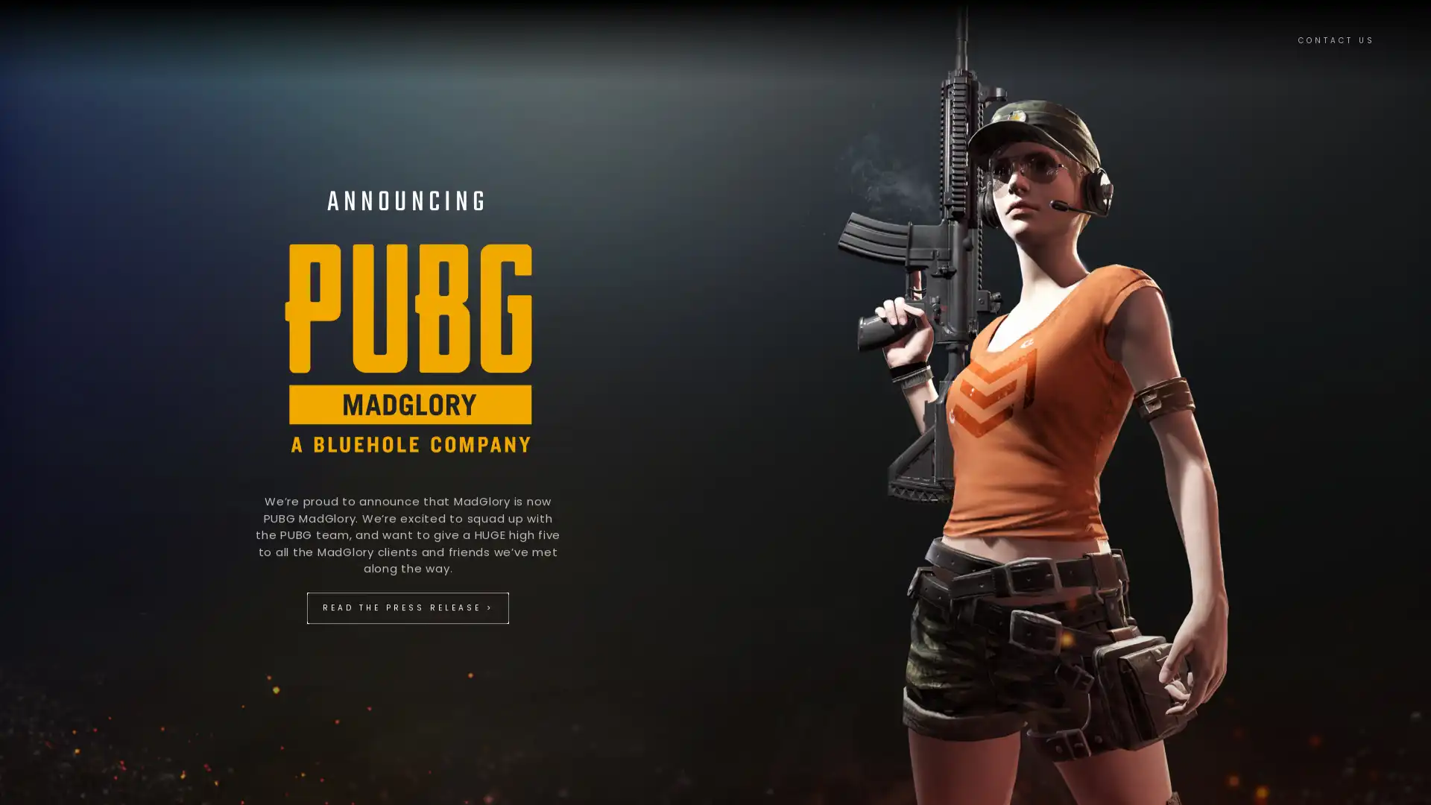  What do you see at coordinates (1345, 40) in the screenshot?
I see `CONTACT US` at bounding box center [1345, 40].